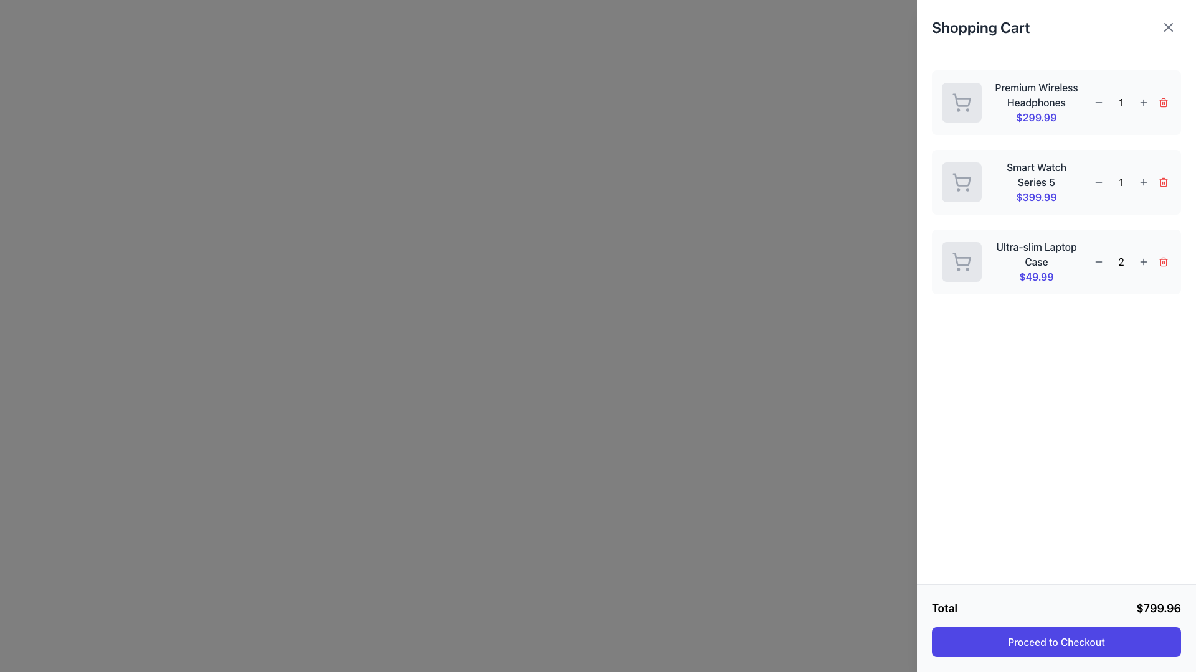 This screenshot has height=672, width=1196. I want to click on the text display element that shows the product name and price in the second product card of the shopping cart interface, so click(1037, 182).